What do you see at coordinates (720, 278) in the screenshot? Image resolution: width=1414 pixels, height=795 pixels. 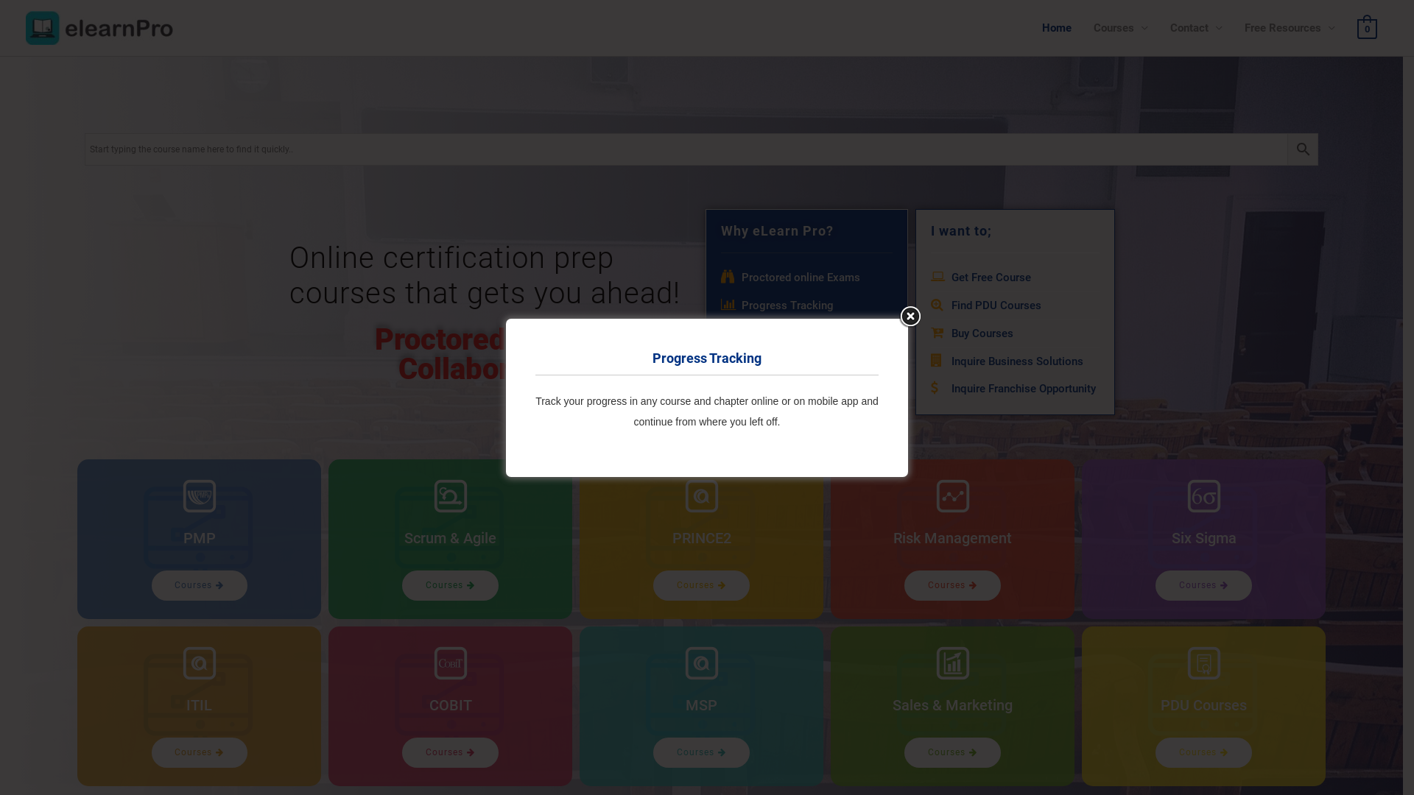 I see `'Proctored online Exams'` at bounding box center [720, 278].